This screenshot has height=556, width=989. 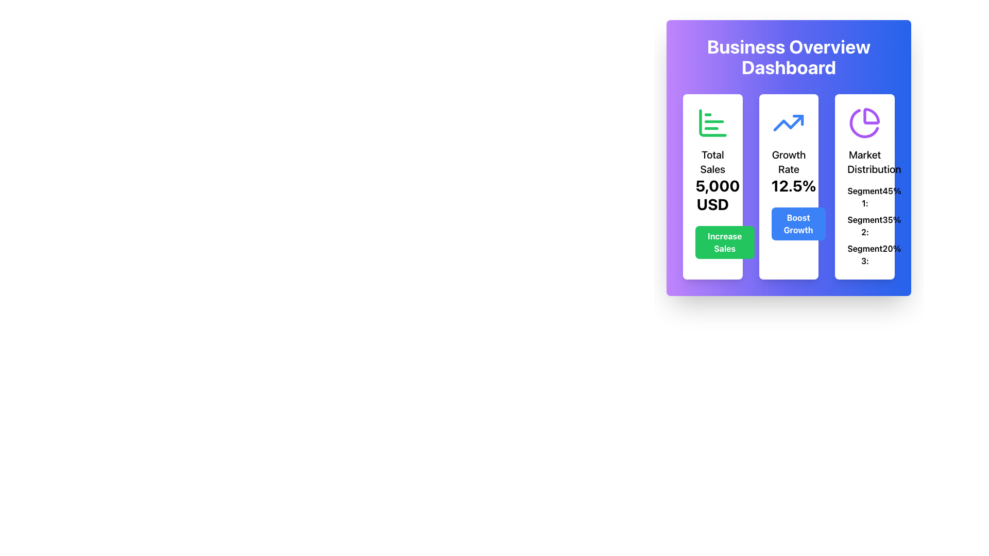 I want to click on Header or Title Text located at the top of the dashboard, centered within a rounded, gradient-colored box, so click(x=788, y=57).